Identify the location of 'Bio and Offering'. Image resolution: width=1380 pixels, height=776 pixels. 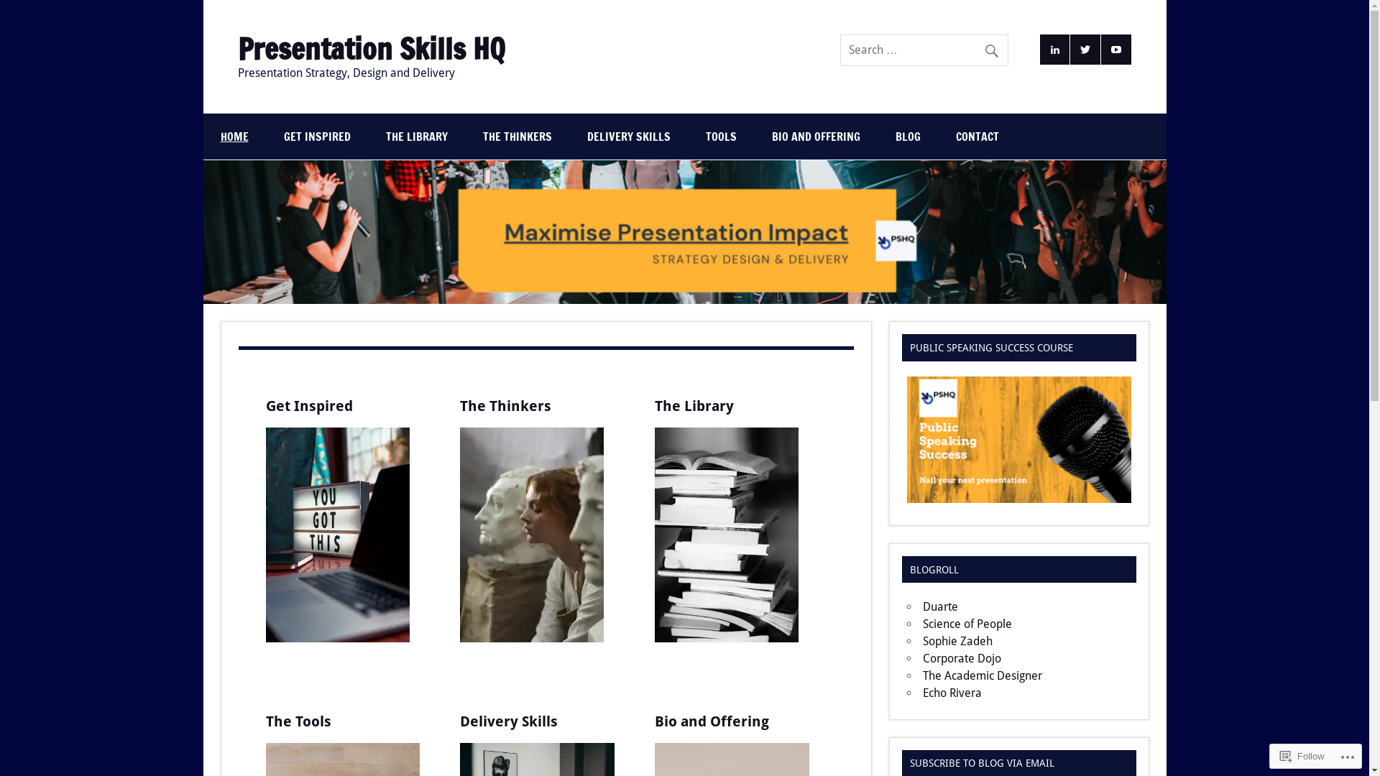
(712, 721).